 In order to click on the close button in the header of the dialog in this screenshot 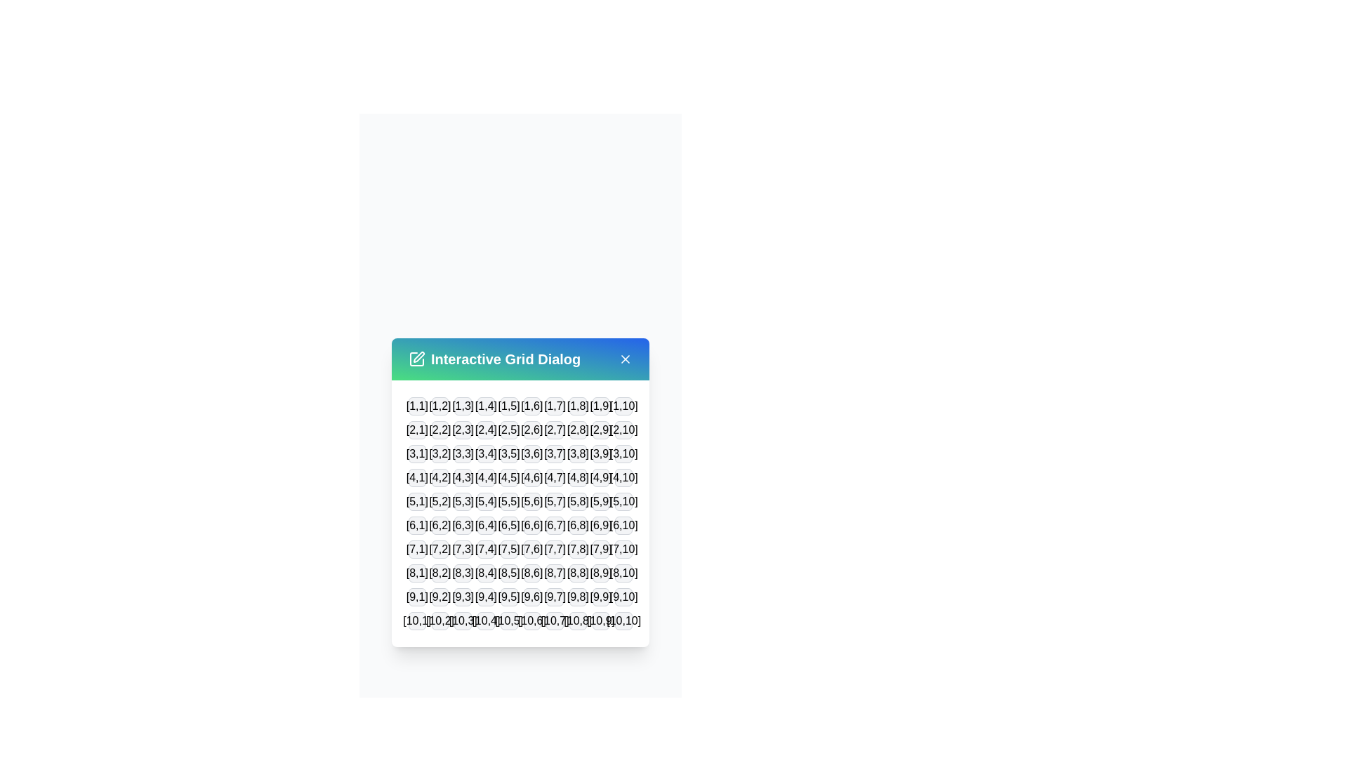, I will do `click(625, 359)`.